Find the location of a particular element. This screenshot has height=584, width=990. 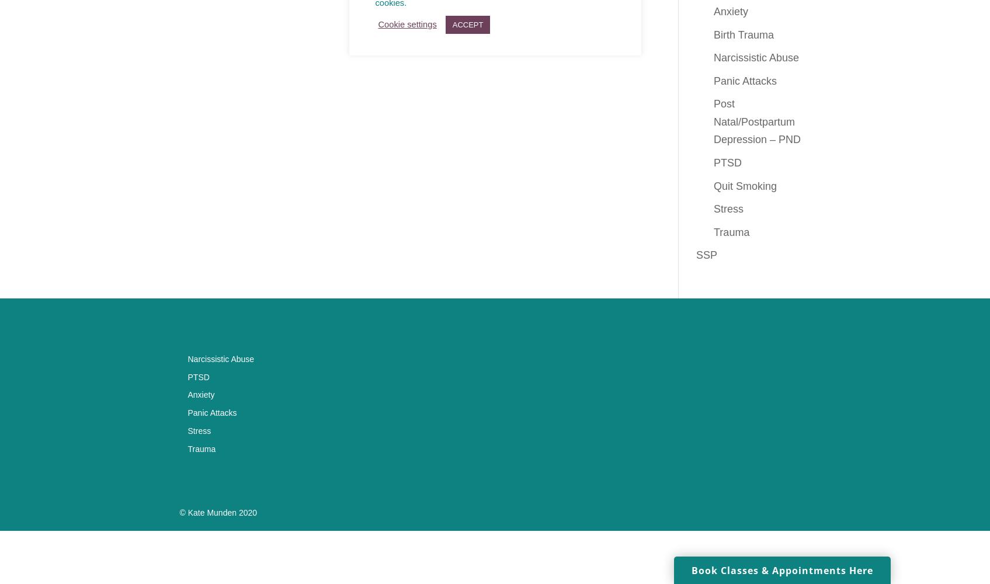

'Quit Smoking' is located at coordinates (713, 185).